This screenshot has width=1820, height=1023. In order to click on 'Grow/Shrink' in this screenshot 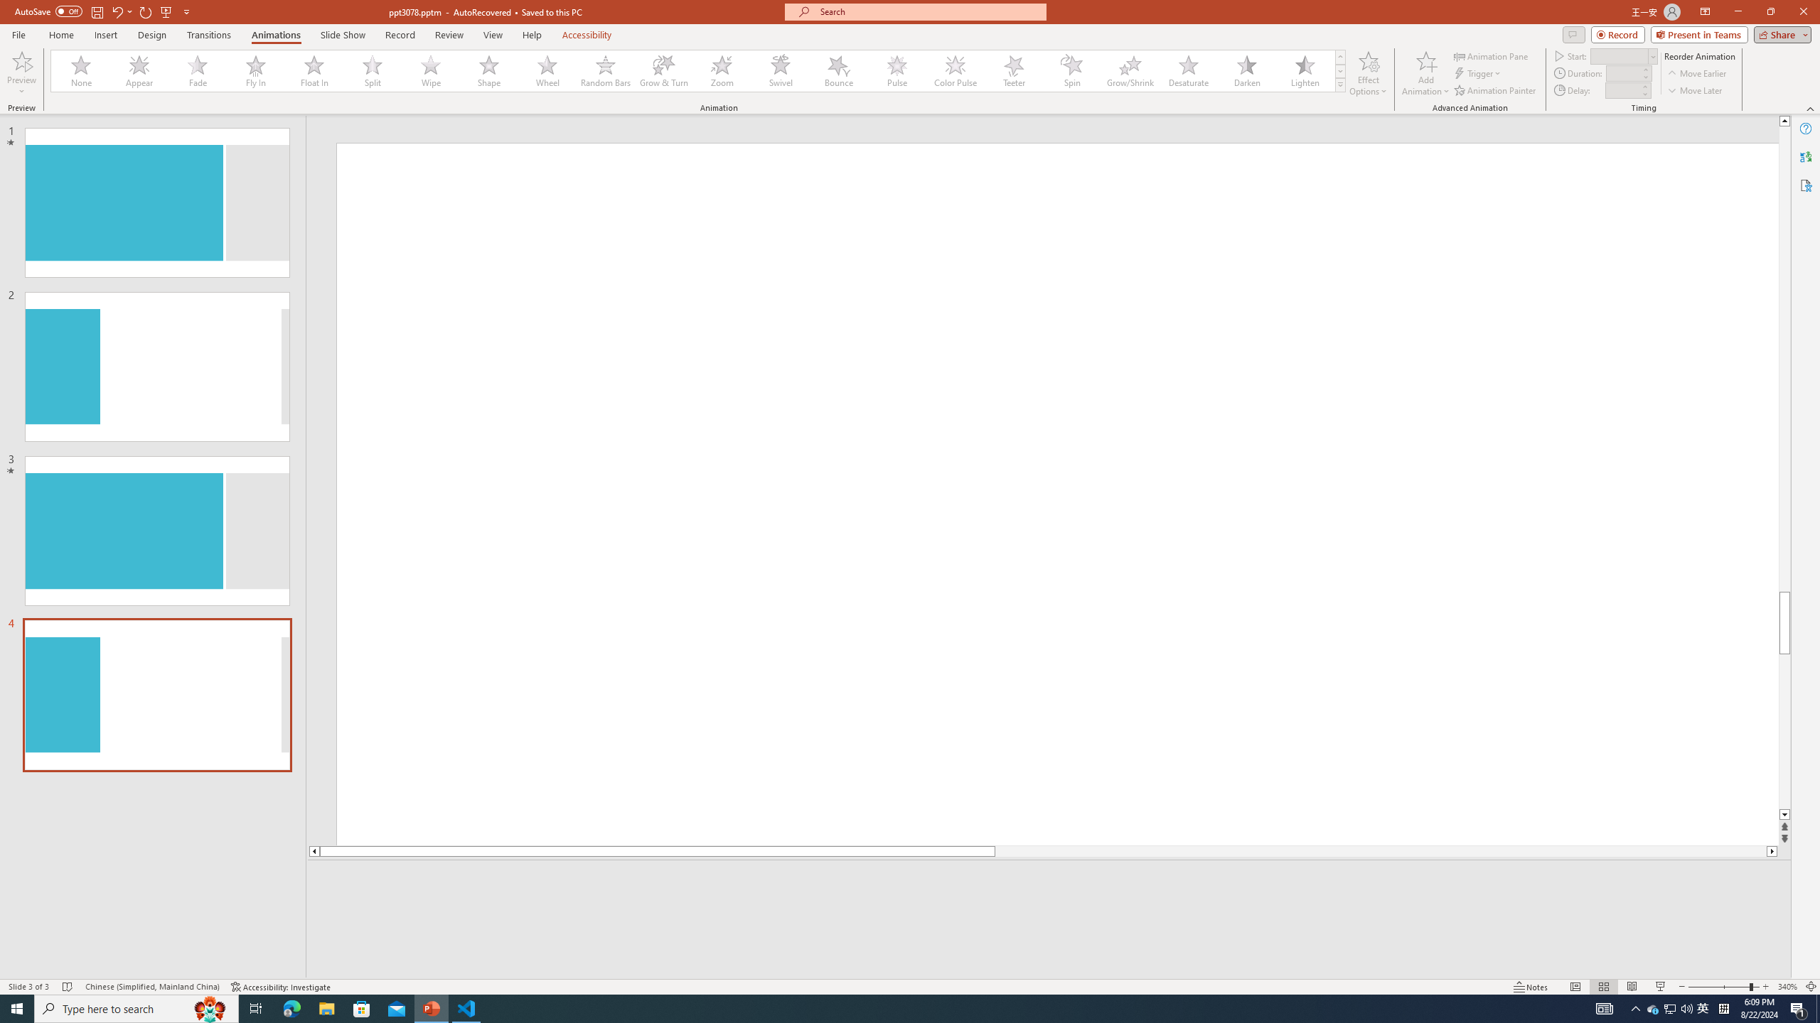, I will do `click(1130, 70)`.